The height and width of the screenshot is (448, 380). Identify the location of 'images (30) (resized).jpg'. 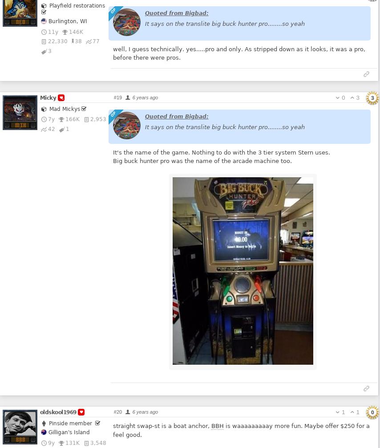
(252, 359).